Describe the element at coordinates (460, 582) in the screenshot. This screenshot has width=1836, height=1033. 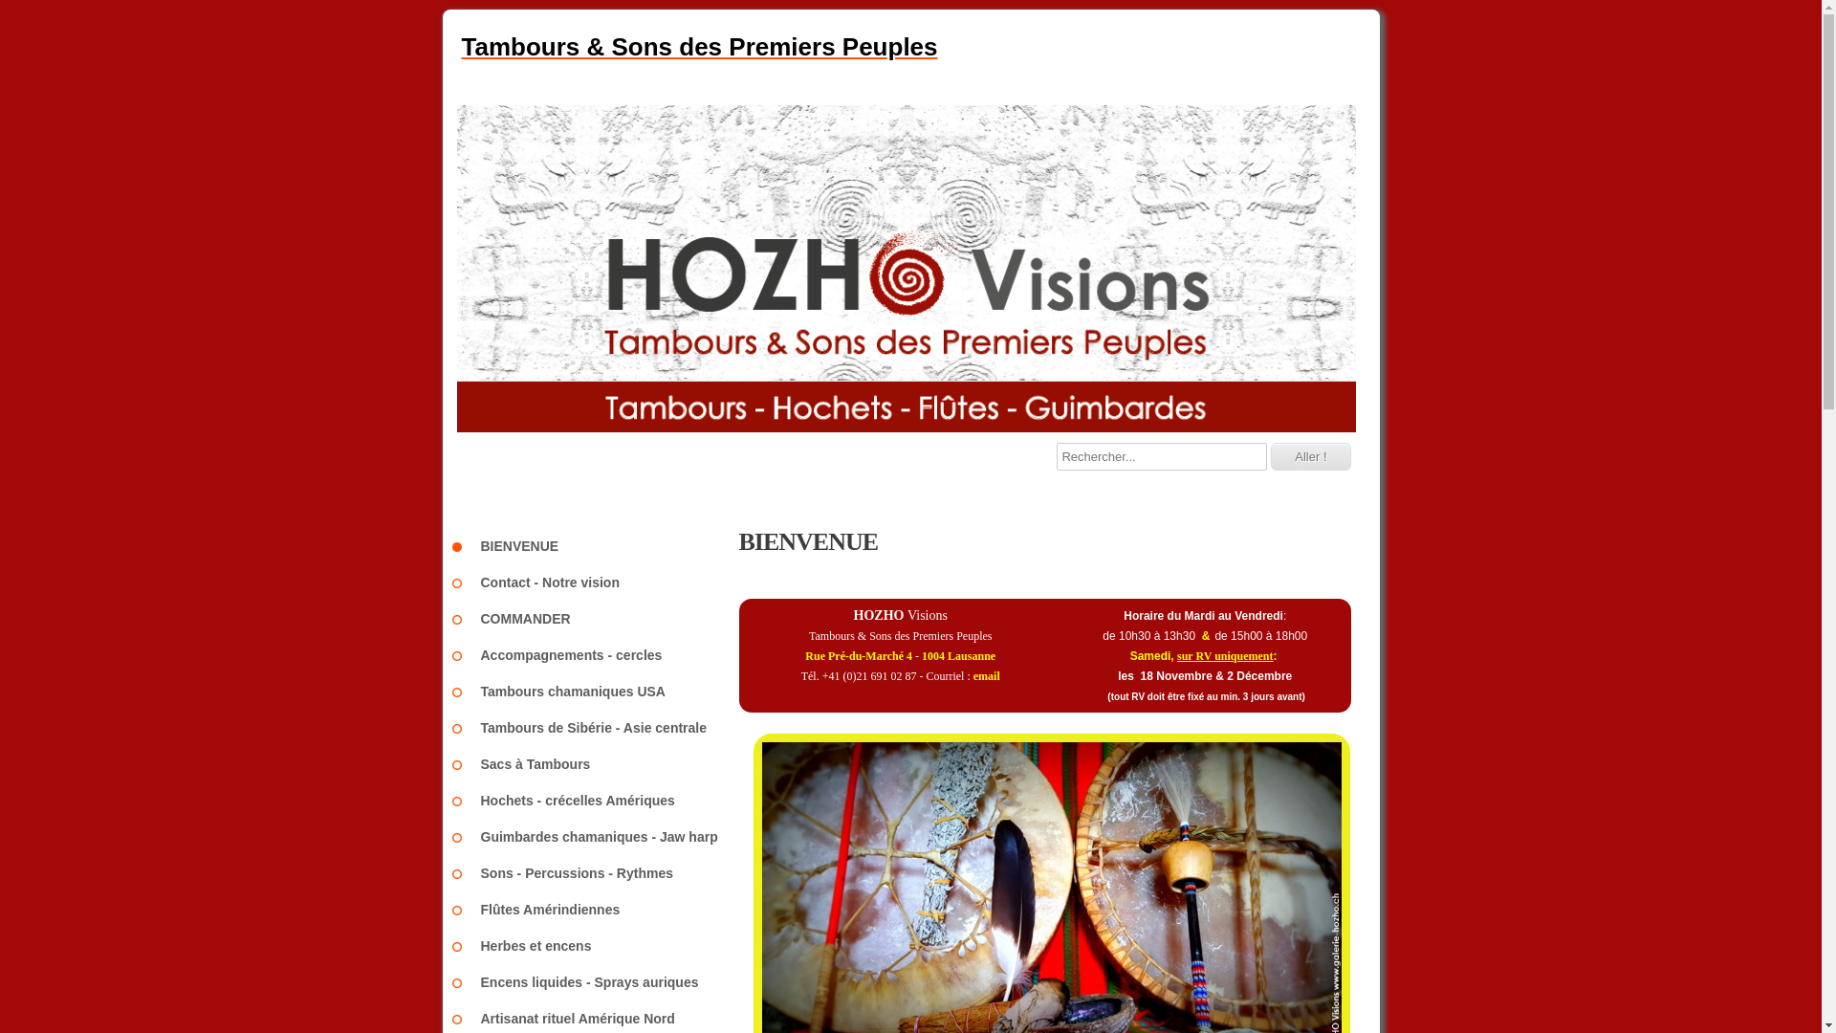
I see `'Contact - Notre vision'` at that location.